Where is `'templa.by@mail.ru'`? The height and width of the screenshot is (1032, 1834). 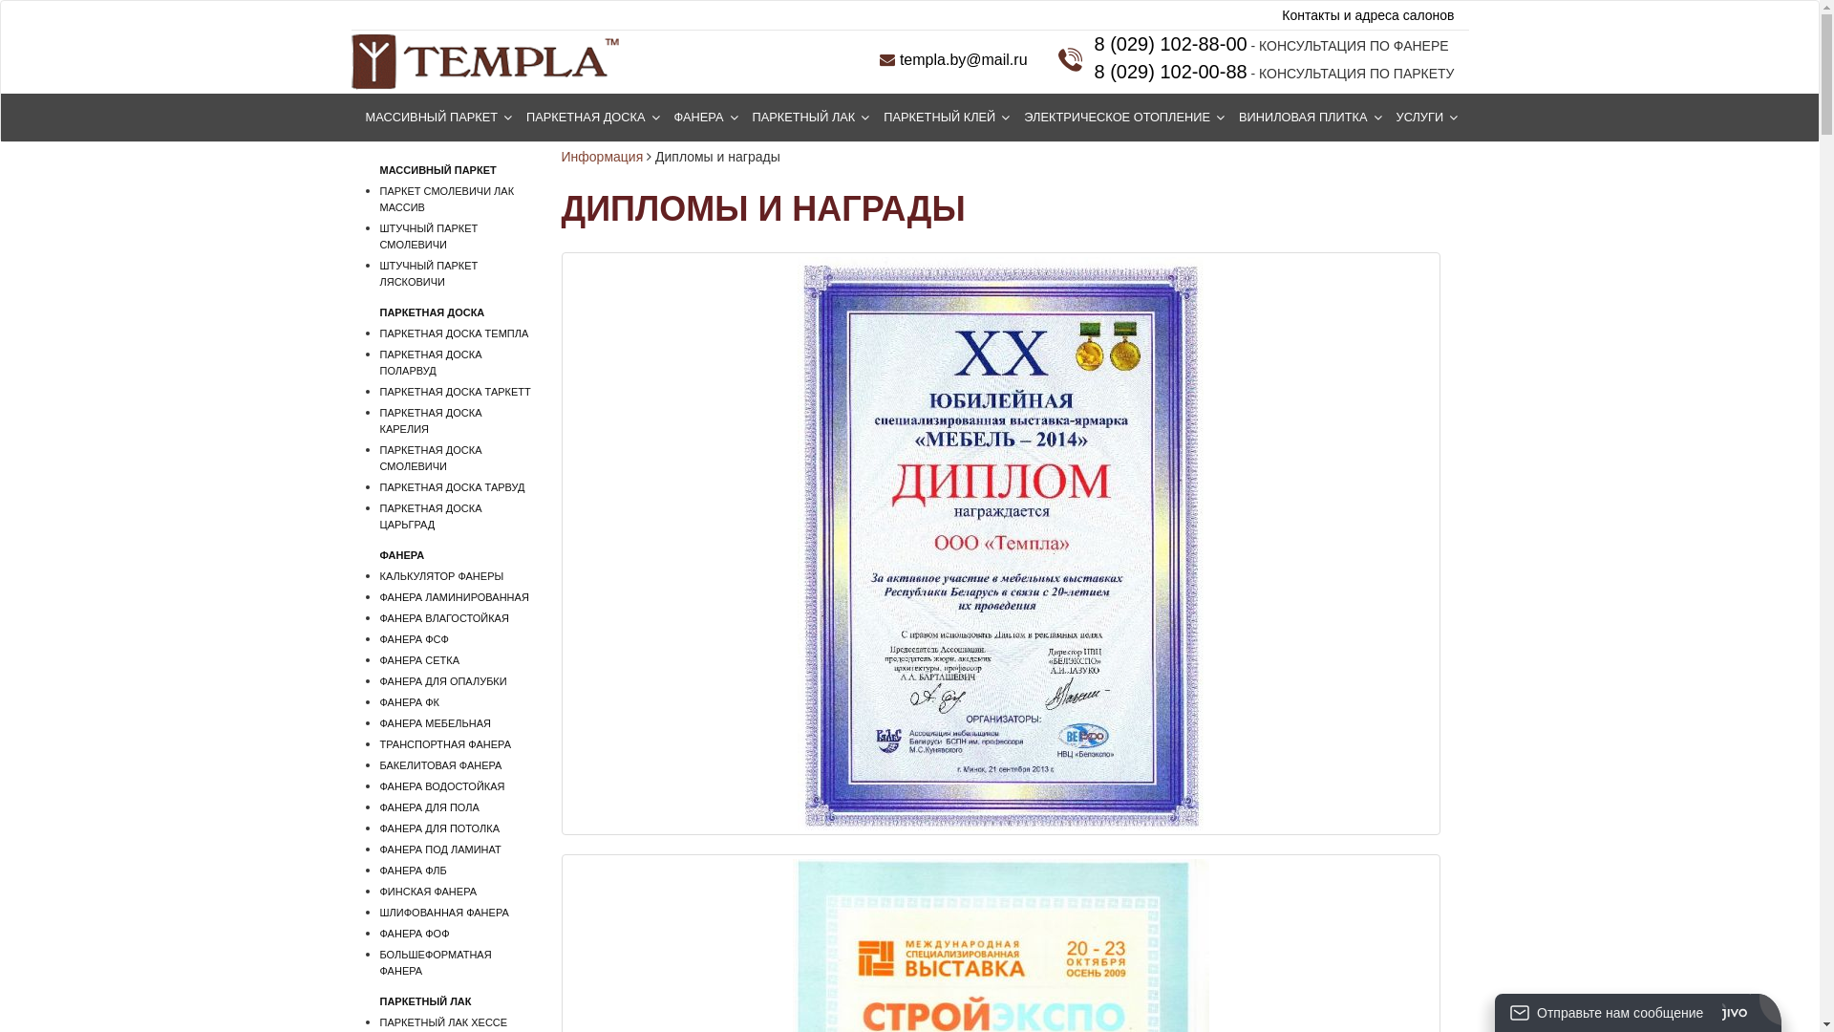
'templa.by@mail.ru' is located at coordinates (879, 58).